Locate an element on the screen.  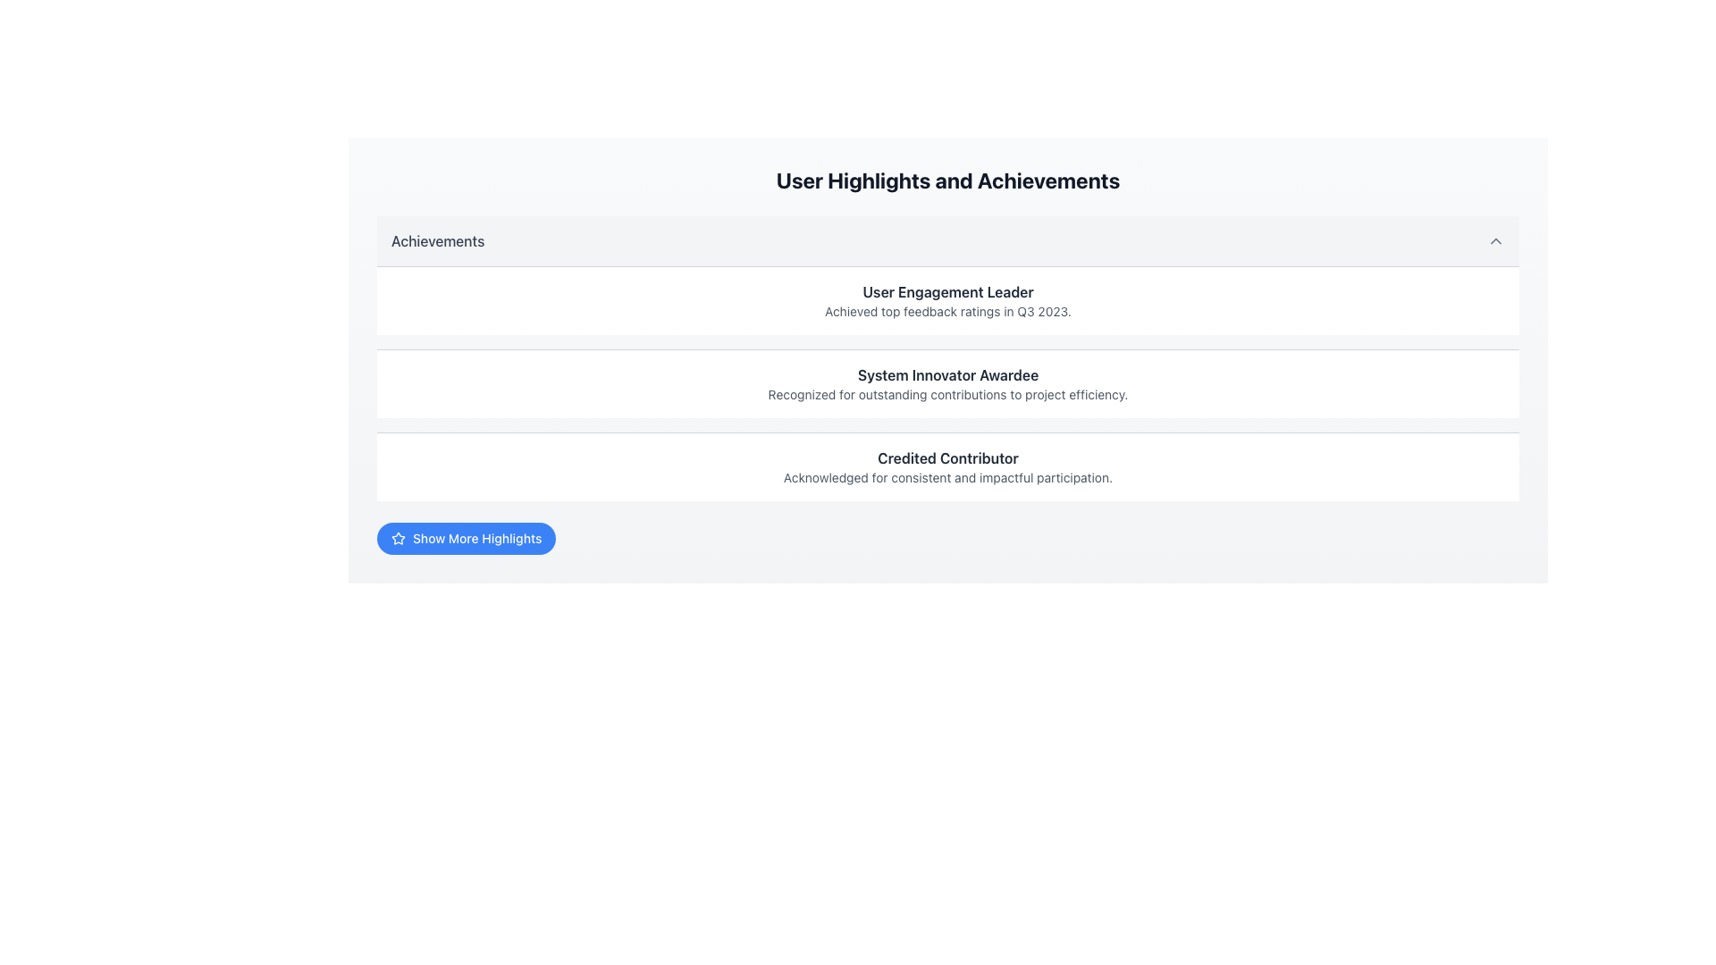
the Card panel that displays an achievement or accolade, positioned at the bottom of the 'User Highlights and Achievements' section is located at coordinates (946, 466).